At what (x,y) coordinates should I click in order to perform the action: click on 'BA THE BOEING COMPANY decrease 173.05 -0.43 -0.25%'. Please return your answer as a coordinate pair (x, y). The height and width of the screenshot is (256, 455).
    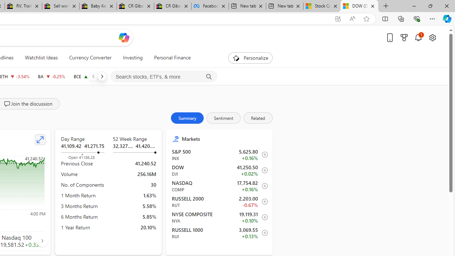
    Looking at the image, I should click on (51, 76).